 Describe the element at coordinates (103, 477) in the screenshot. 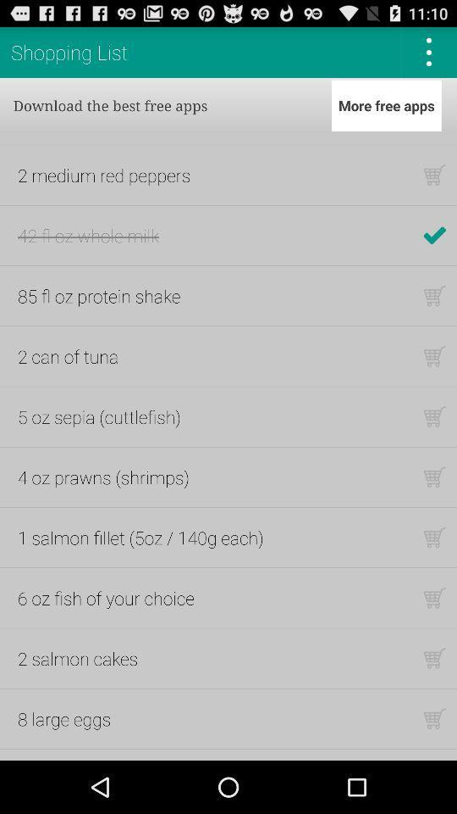

I see `icon below the 5 oz sepia` at that location.